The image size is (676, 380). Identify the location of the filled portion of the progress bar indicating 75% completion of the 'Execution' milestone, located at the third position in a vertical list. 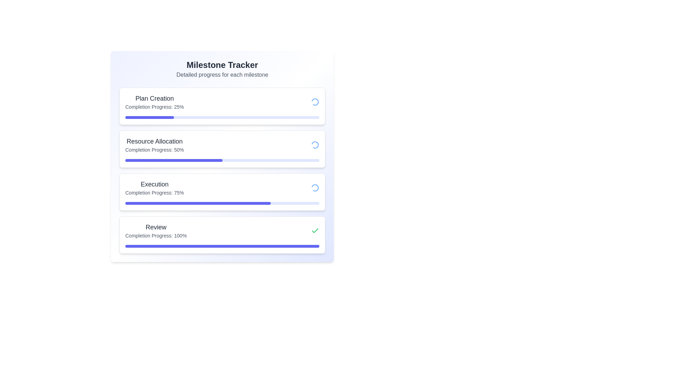
(198, 203).